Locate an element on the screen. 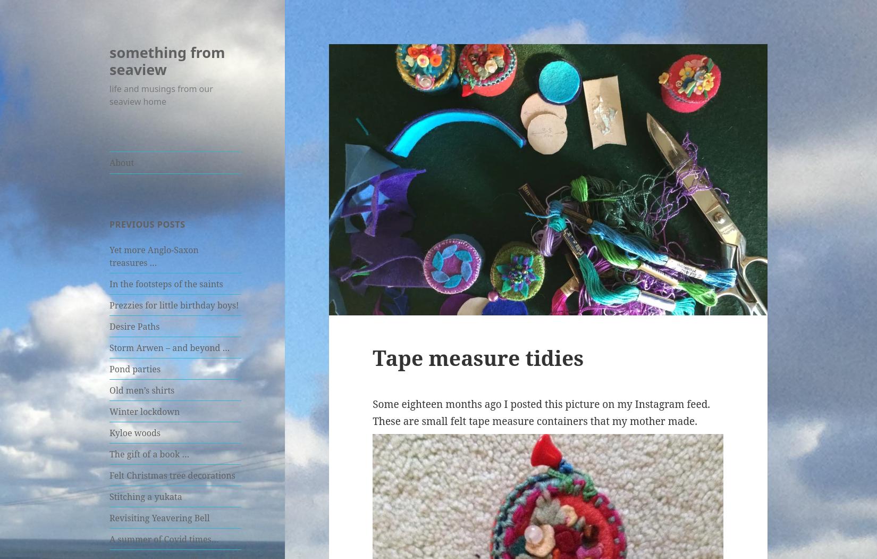 The width and height of the screenshot is (877, 559). 'Prezzies for little birthday boys!' is located at coordinates (174, 305).